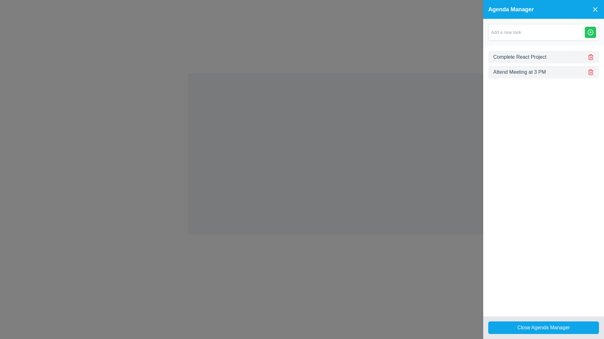 This screenshot has width=604, height=339. I want to click on the first task item in the 'Agenda Manager' panel, which shows task details like 'Complete React Project', so click(543, 57).